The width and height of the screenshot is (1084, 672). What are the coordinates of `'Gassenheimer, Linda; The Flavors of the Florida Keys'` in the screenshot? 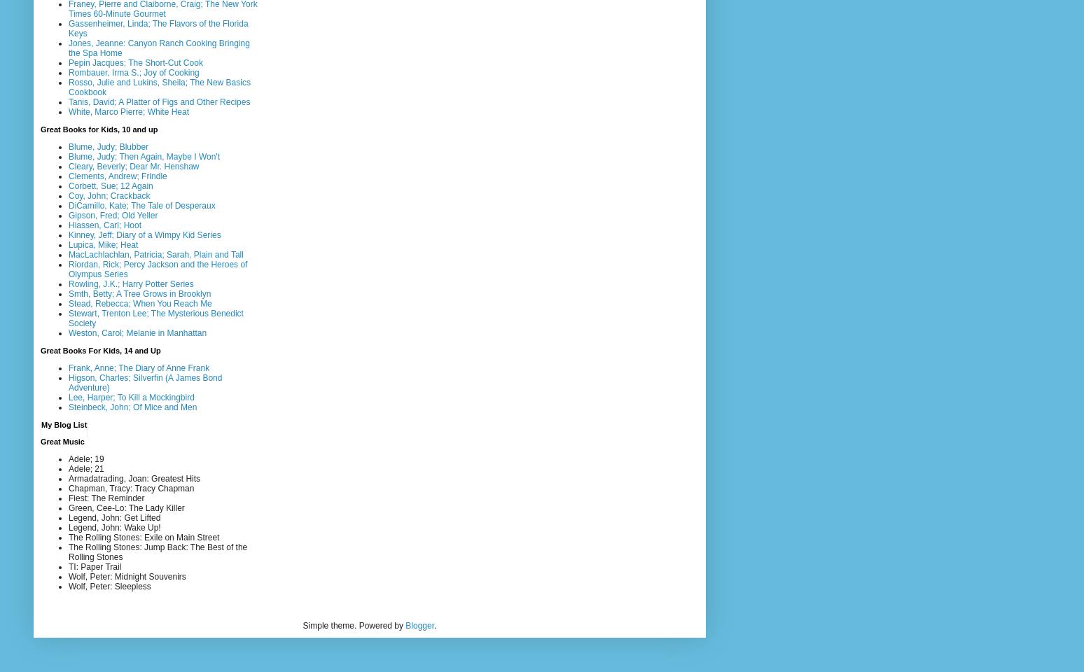 It's located at (158, 27).